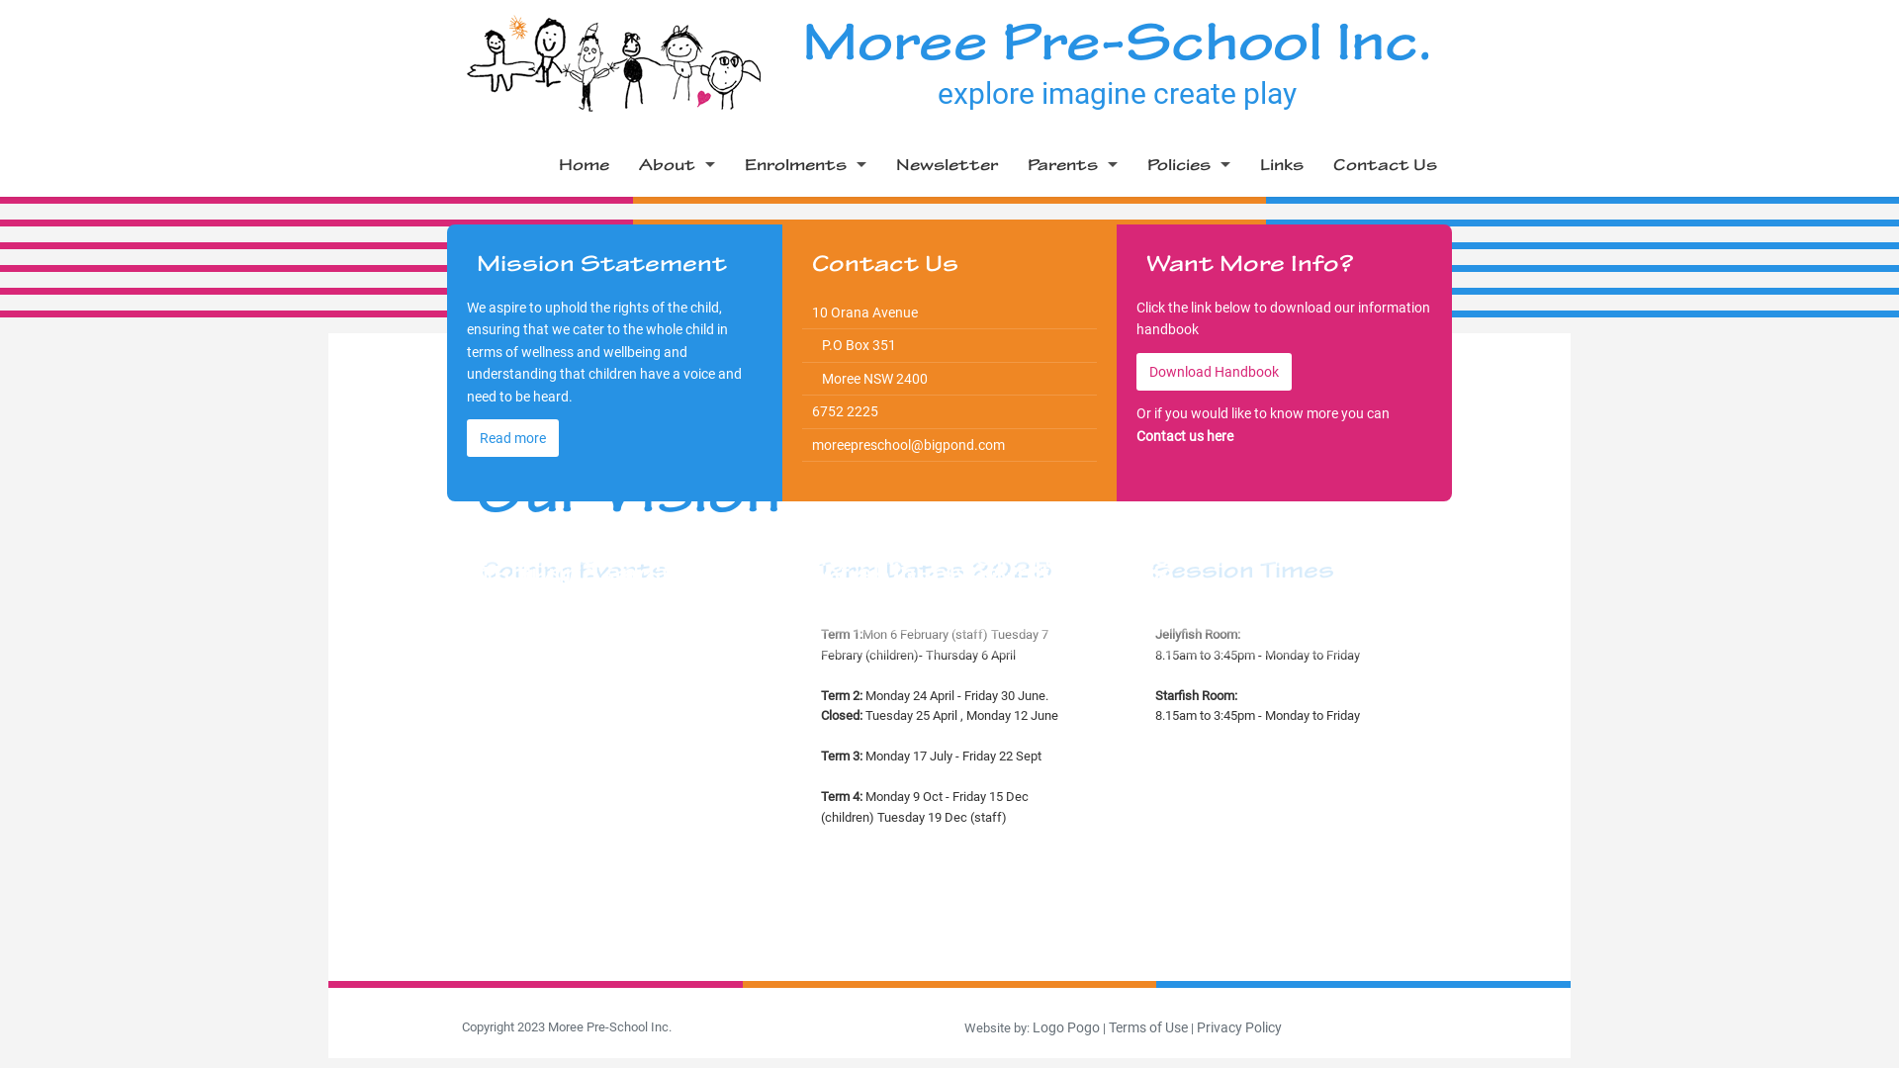 This screenshot has width=1899, height=1068. I want to click on 'Management', so click(677, 298).